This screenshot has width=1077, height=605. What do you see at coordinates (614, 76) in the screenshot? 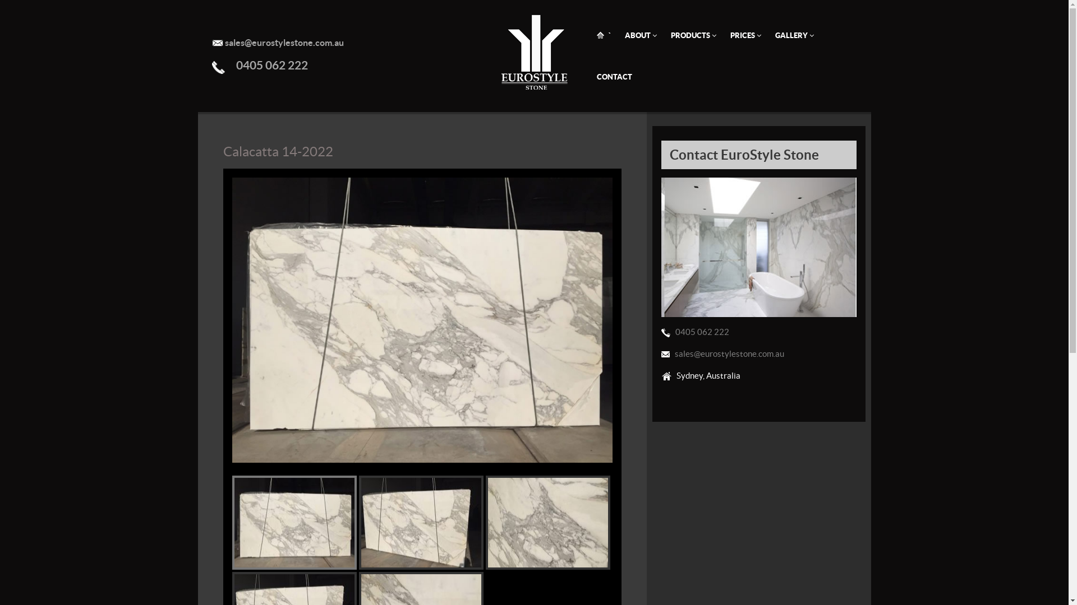
I see `'CONTACT'` at bounding box center [614, 76].